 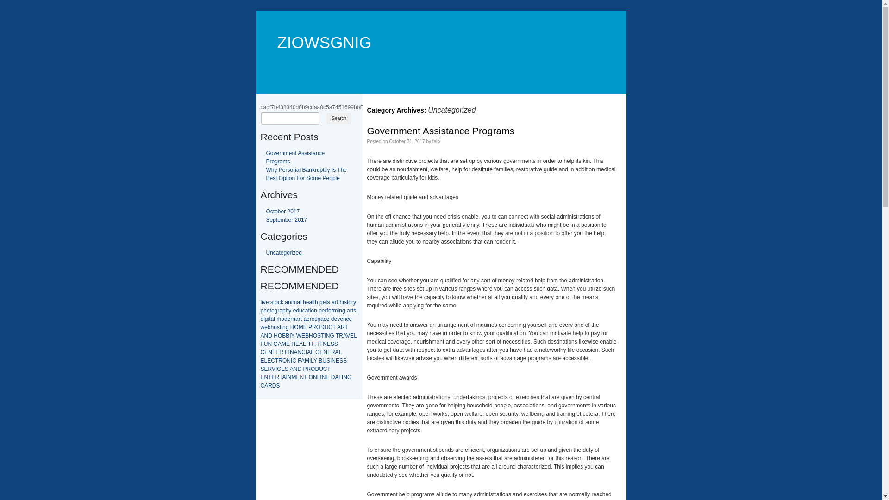 I want to click on 'h', so click(x=287, y=311).